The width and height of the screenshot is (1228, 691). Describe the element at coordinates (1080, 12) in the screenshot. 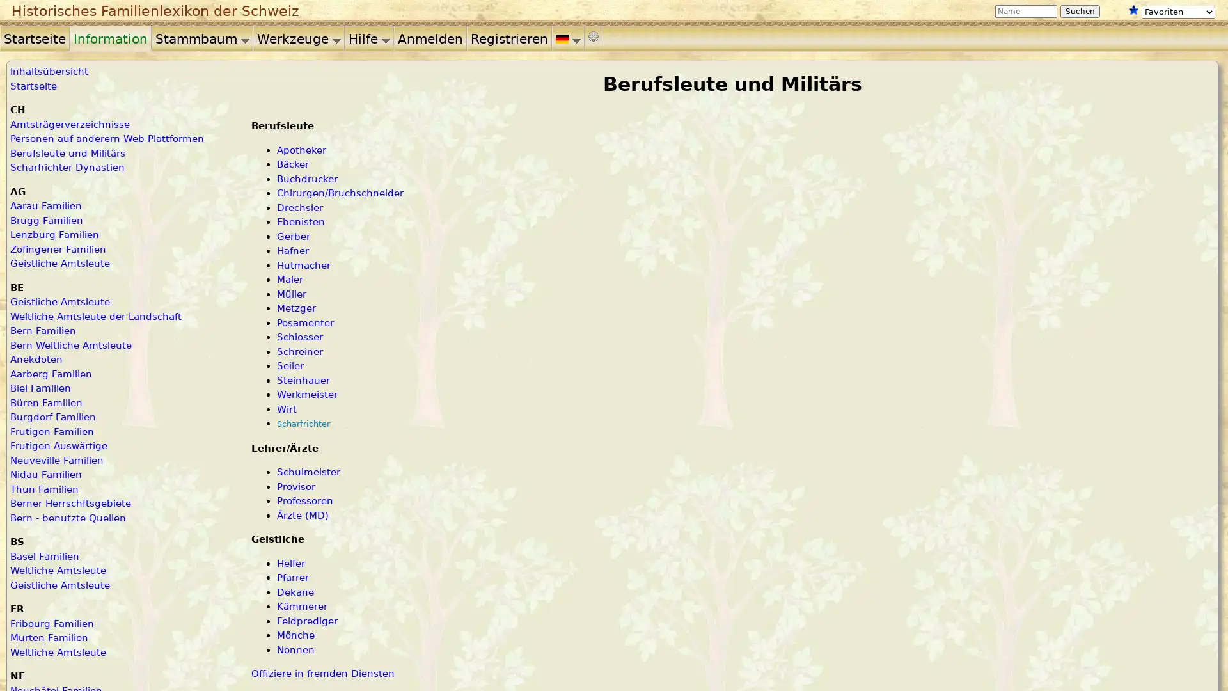

I see `Suchen` at that location.